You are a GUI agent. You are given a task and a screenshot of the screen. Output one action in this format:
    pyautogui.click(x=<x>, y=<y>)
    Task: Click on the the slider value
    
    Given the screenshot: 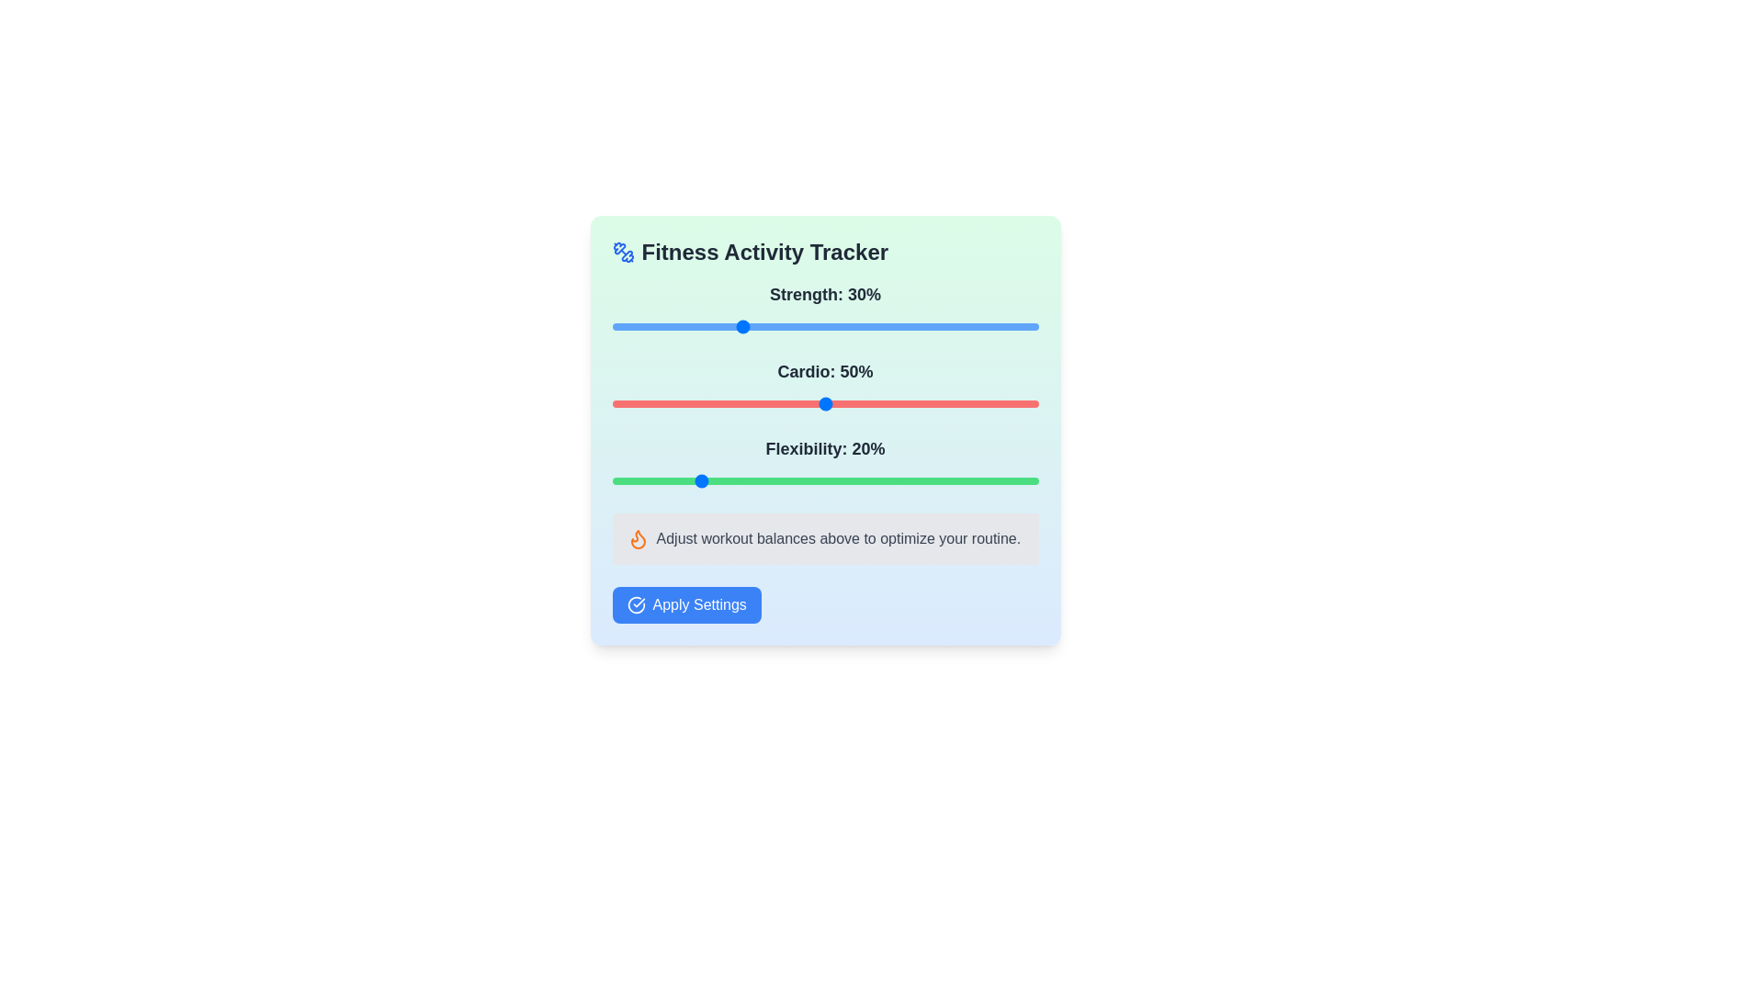 What is the action you would take?
    pyautogui.click(x=1012, y=325)
    